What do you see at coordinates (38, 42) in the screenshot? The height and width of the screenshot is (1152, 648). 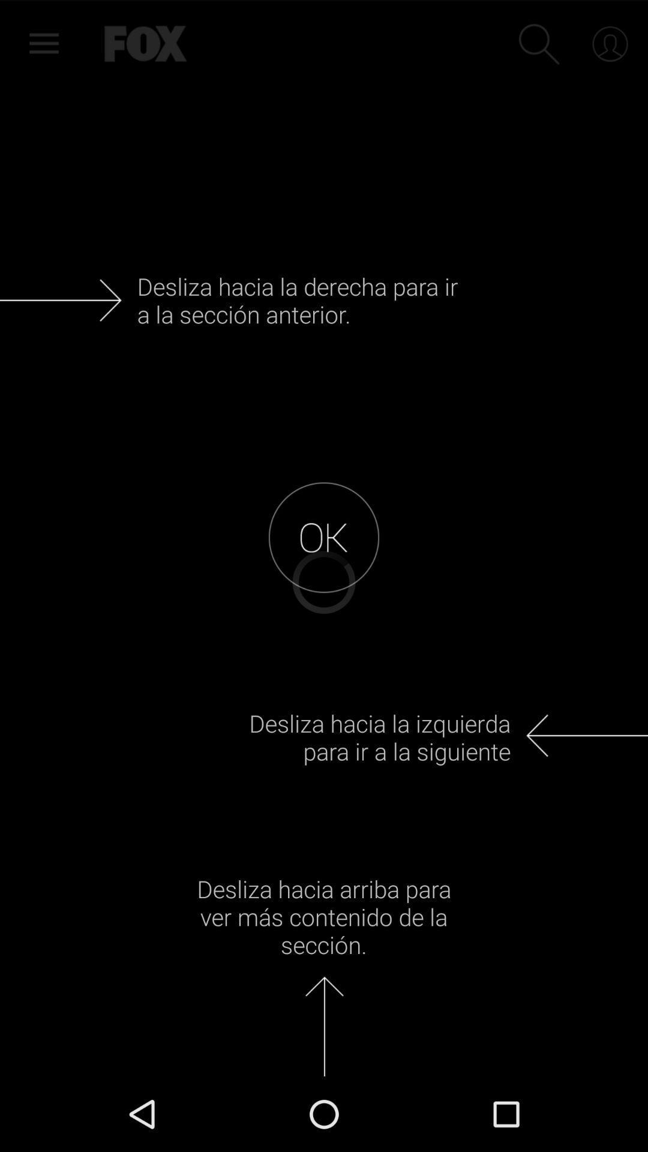 I see `the menu icon` at bounding box center [38, 42].